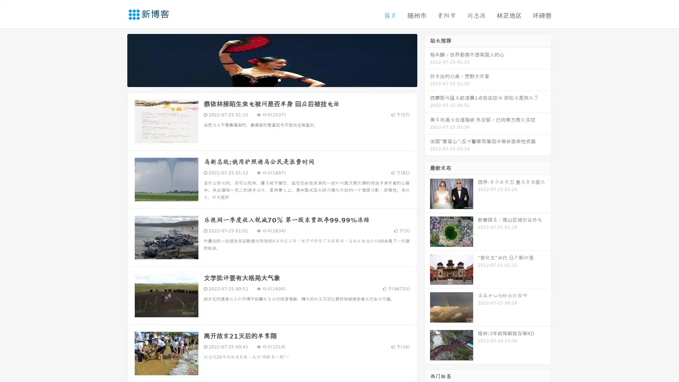 The image size is (679, 382). What do you see at coordinates (117, 59) in the screenshot?
I see `Previous slide` at bounding box center [117, 59].